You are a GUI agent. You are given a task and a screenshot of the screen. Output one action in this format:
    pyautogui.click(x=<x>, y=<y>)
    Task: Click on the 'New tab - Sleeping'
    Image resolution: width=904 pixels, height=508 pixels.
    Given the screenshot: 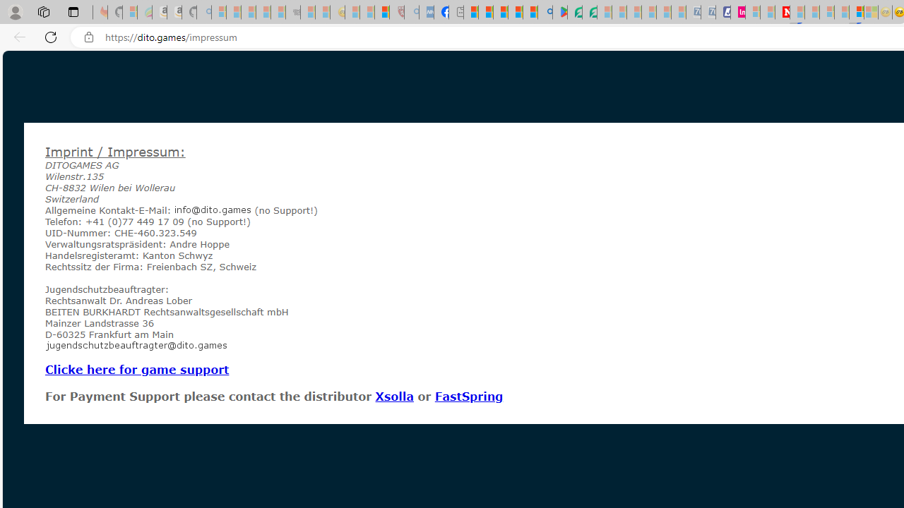 What is the action you would take?
    pyautogui.click(x=456, y=12)
    